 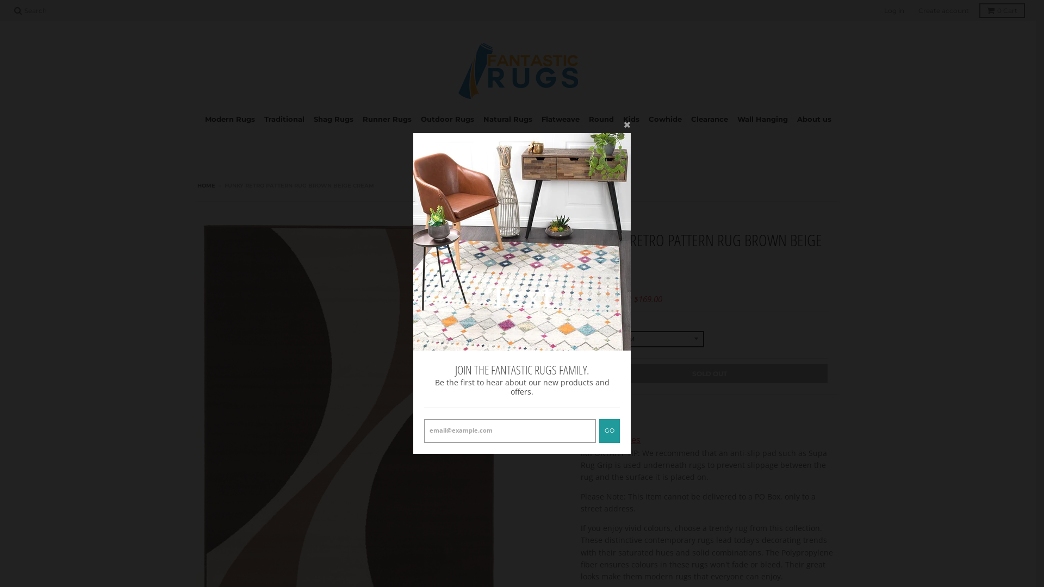 I want to click on 'Modern Rugs', so click(x=229, y=119).